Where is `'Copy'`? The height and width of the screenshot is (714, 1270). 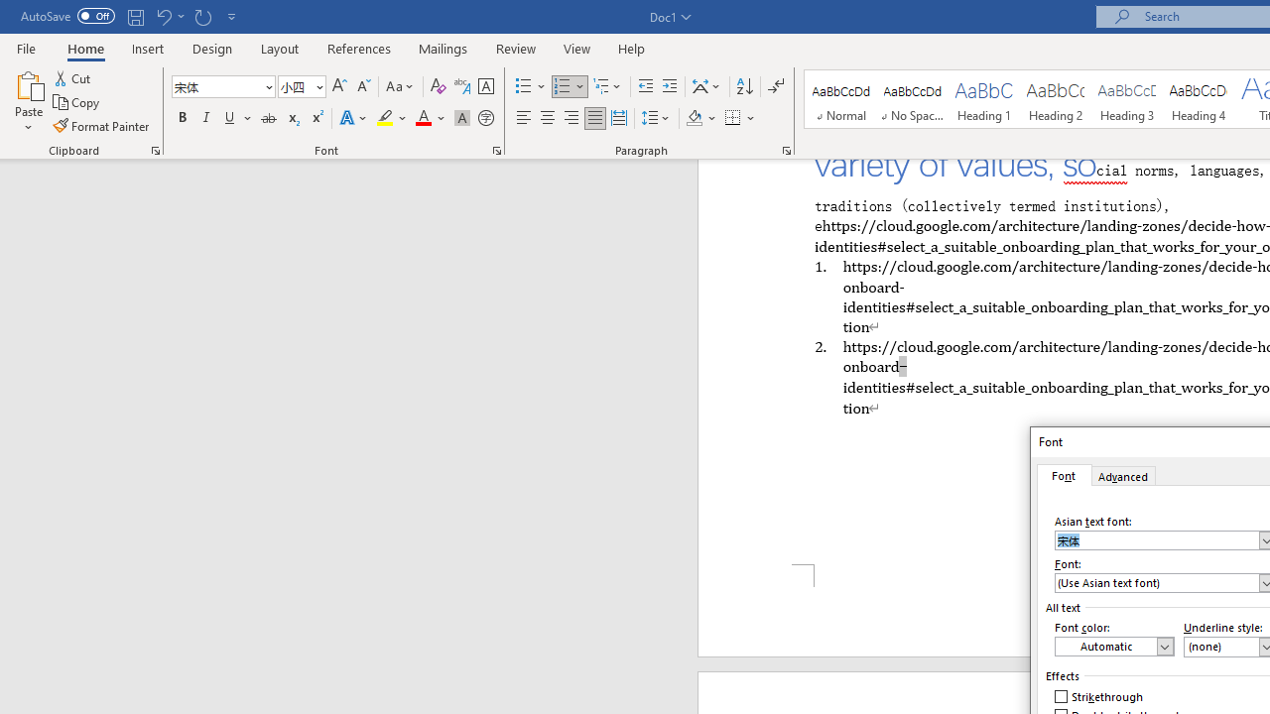
'Copy' is located at coordinates (77, 102).